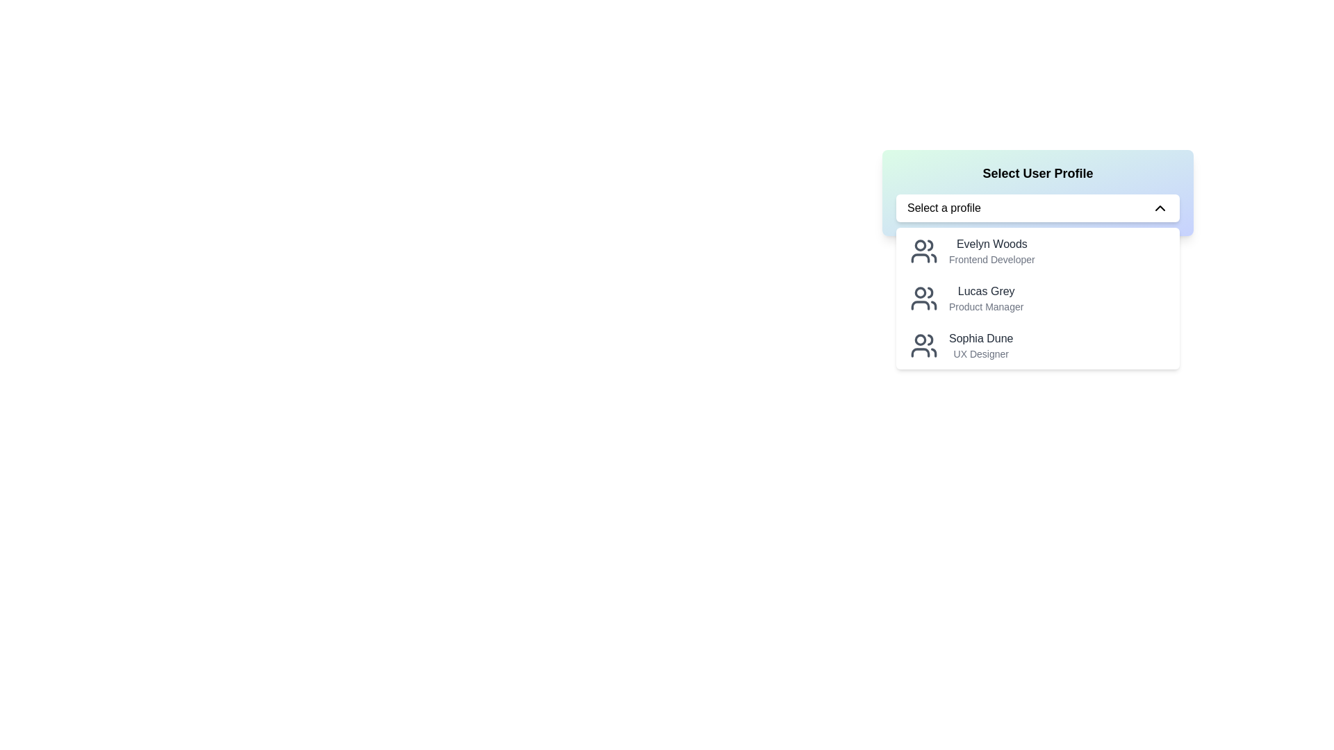 The height and width of the screenshot is (750, 1334). I want to click on the second option in the dropdown list labeled 'Lucas Grey - Product Manager', so click(1037, 297).